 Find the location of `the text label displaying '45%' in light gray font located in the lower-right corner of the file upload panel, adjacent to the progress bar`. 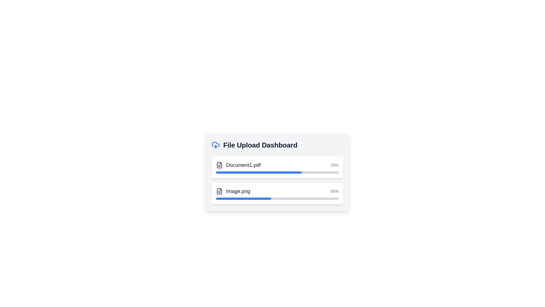

the text label displaying '45%' in light gray font located in the lower-right corner of the file upload panel, adjacent to the progress bar is located at coordinates (334, 191).